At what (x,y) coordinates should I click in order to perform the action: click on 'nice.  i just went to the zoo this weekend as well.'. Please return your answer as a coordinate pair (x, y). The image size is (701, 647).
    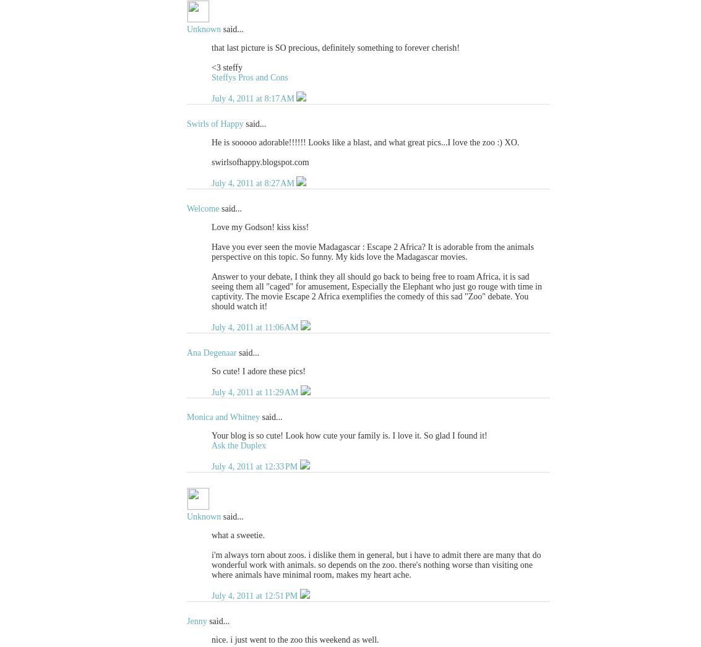
    Looking at the image, I should click on (294, 640).